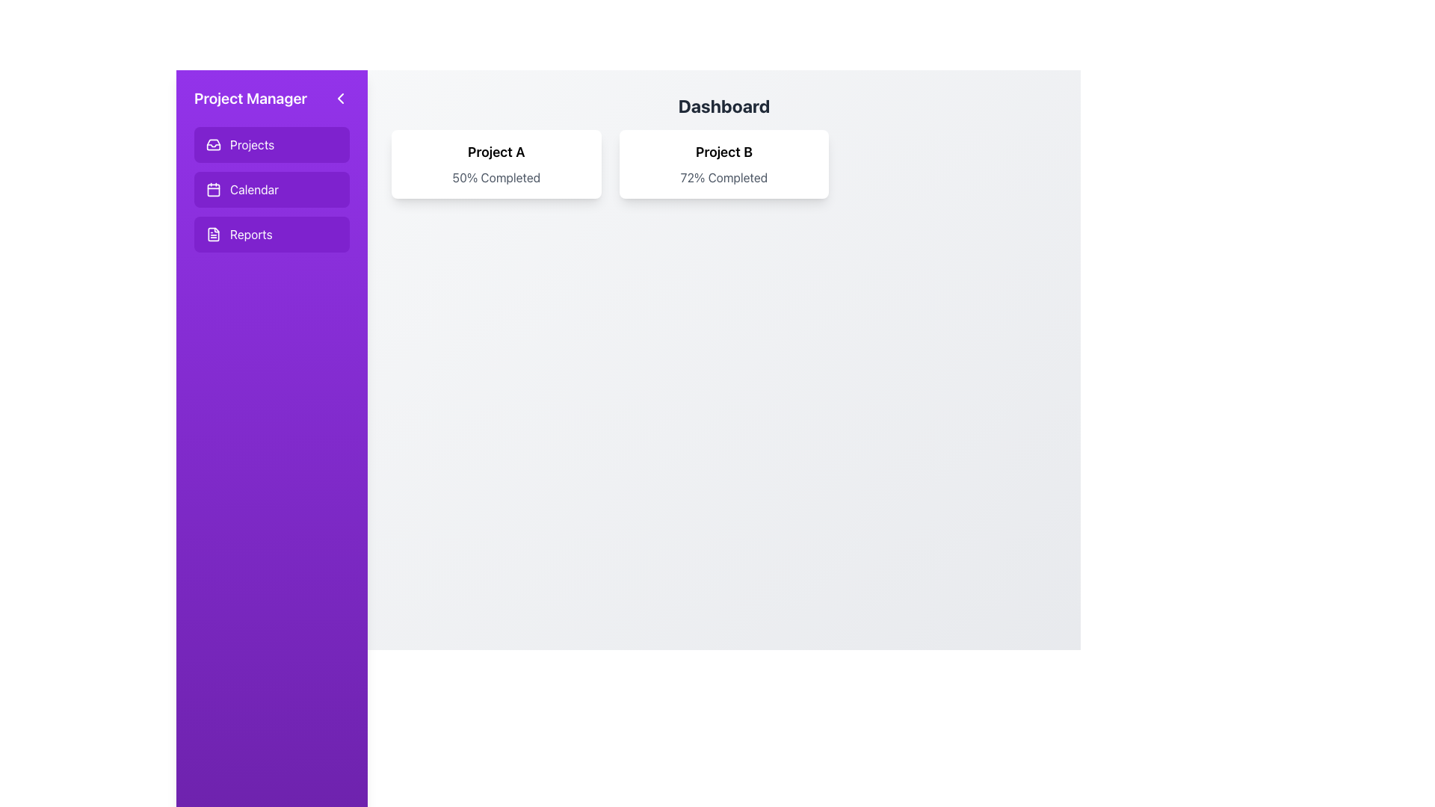  What do you see at coordinates (272, 144) in the screenshot?
I see `the 'Projects' navigation button located in the left sidebar above the 'Calendar' and 'Reports' buttons` at bounding box center [272, 144].